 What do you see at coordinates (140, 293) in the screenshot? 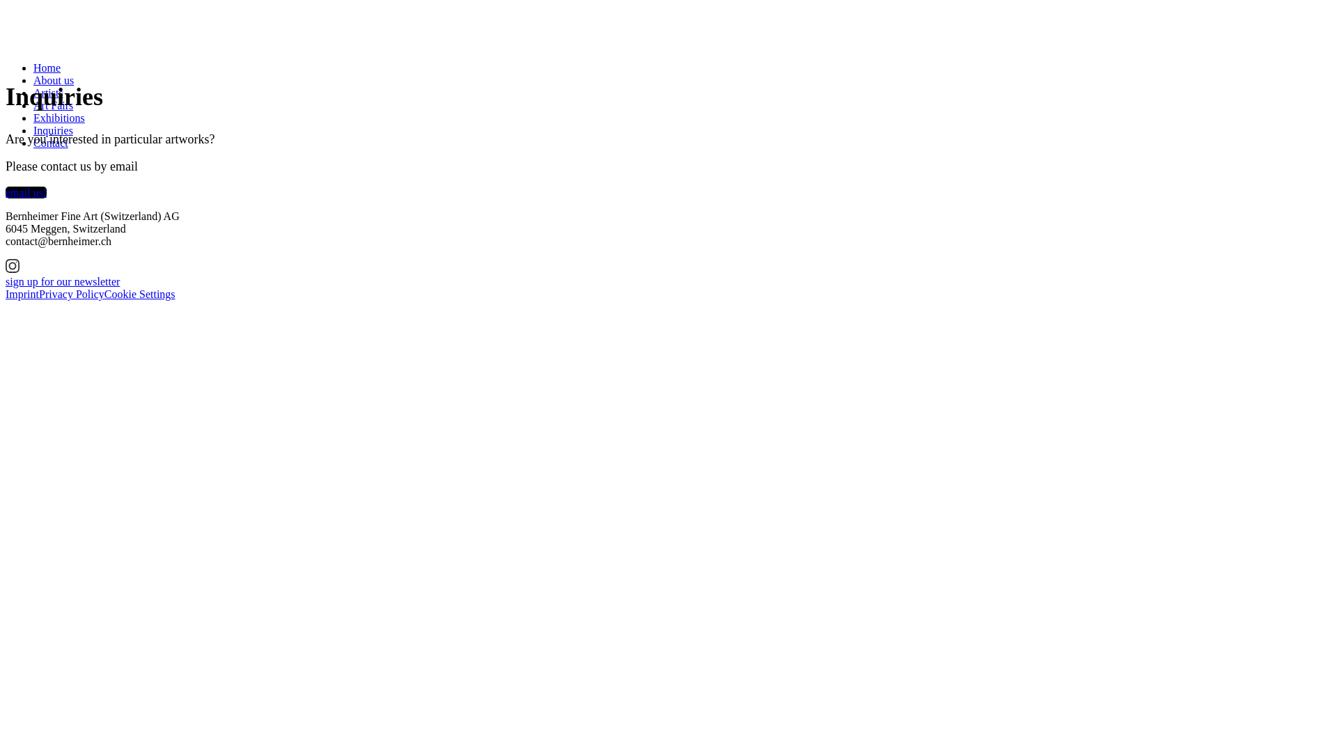
I see `'Cookie Settings'` at bounding box center [140, 293].